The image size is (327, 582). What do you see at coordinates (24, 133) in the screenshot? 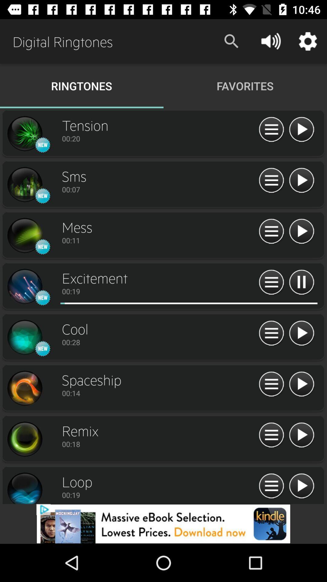
I see `image button` at bounding box center [24, 133].